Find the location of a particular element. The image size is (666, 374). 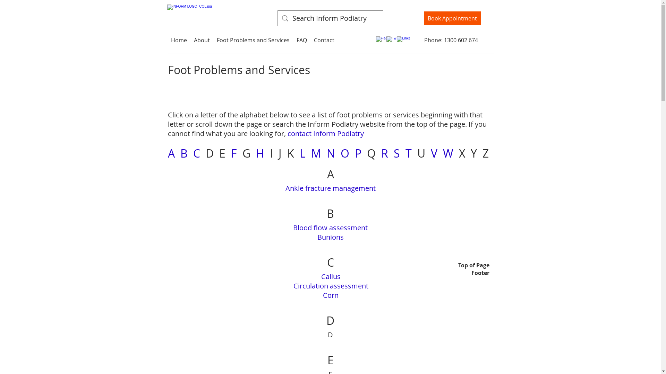

'Contact' is located at coordinates (323, 40).